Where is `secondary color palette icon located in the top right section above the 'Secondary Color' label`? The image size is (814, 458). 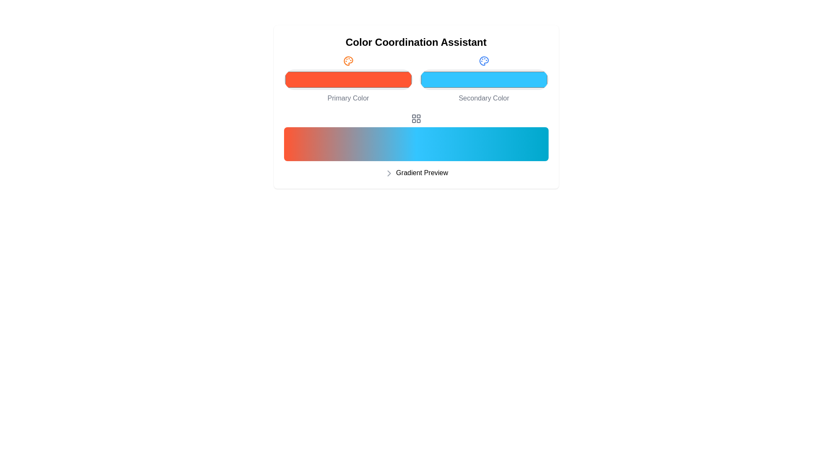 secondary color palette icon located in the top right section above the 'Secondary Color' label is located at coordinates (484, 60).